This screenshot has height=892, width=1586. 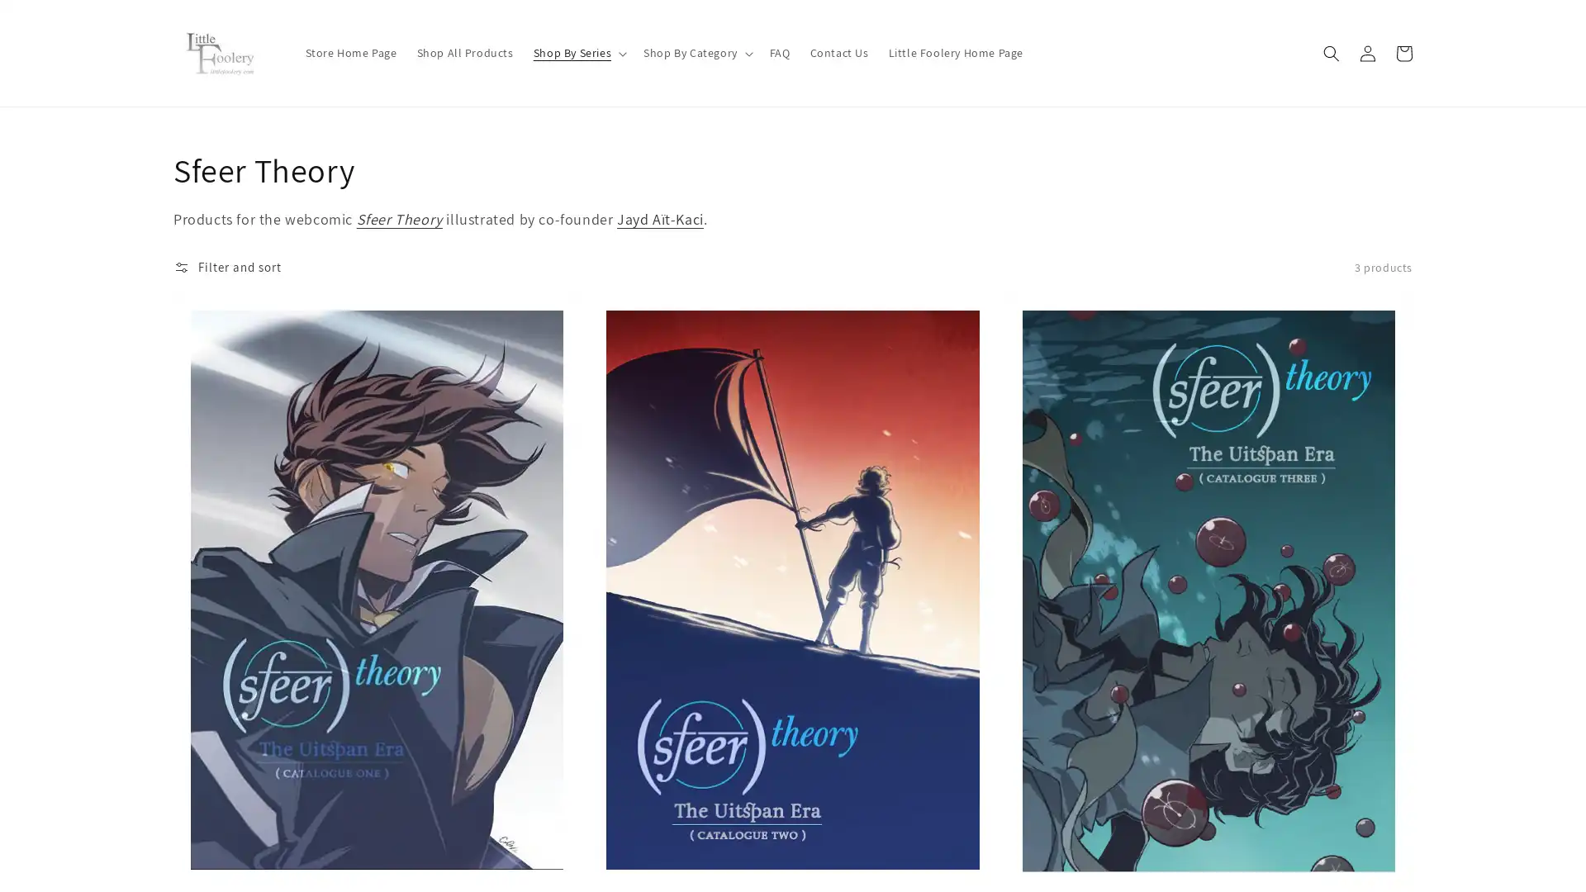 What do you see at coordinates (226, 267) in the screenshot?
I see `Filter and sort` at bounding box center [226, 267].